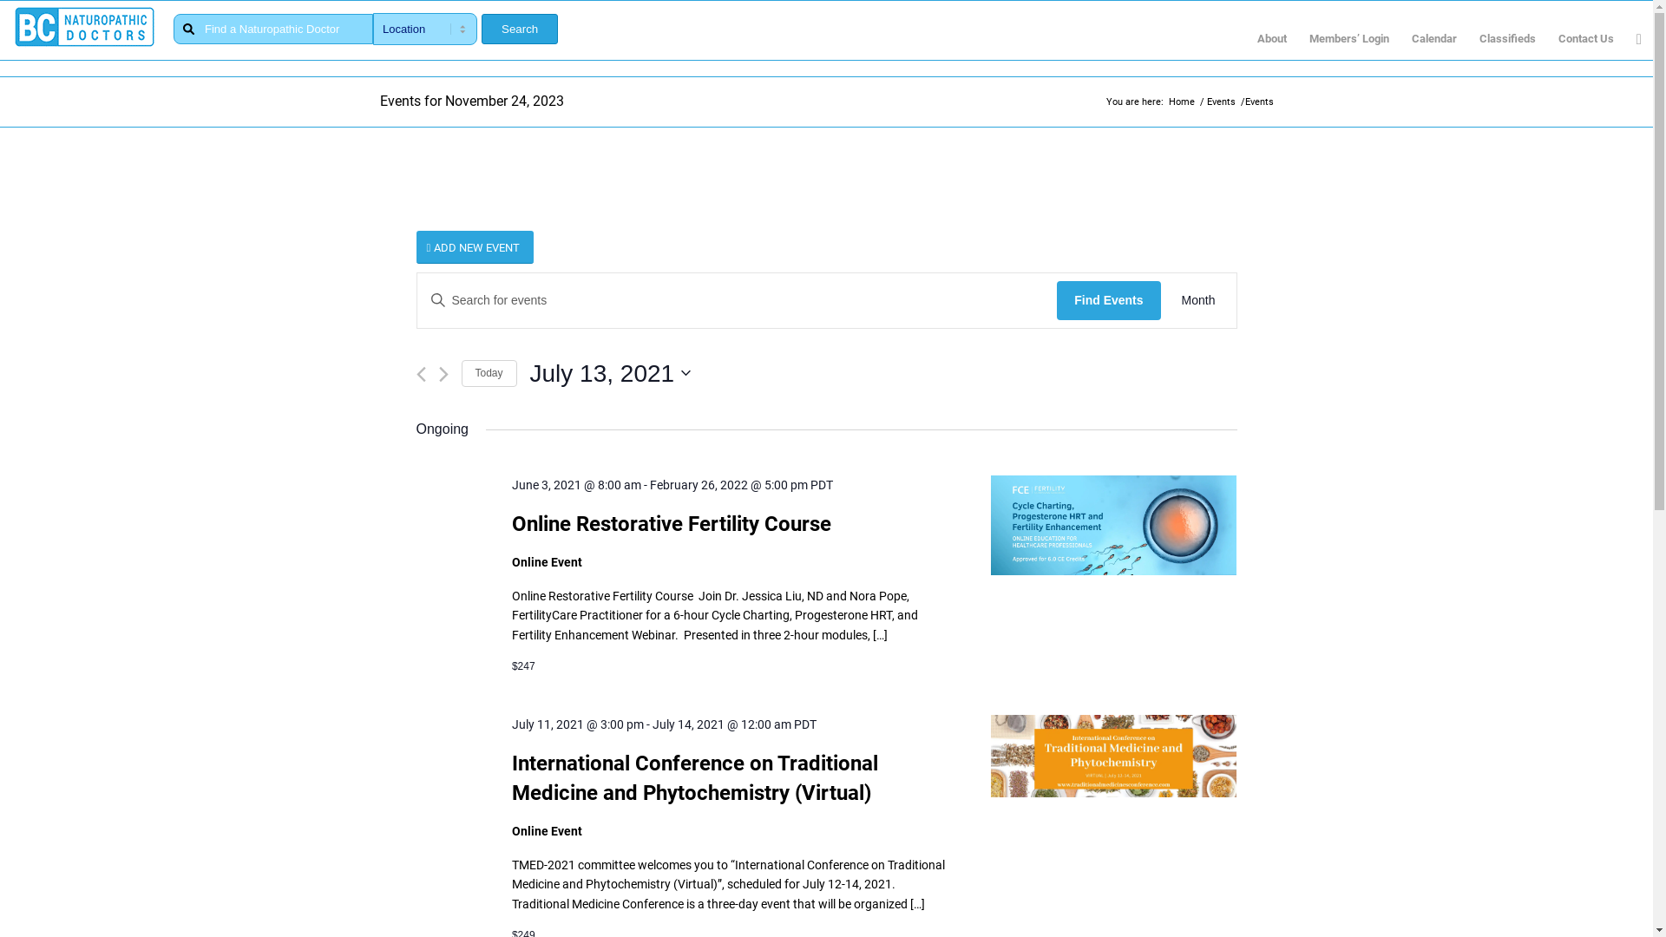  What do you see at coordinates (1506, 39) in the screenshot?
I see `'Classifieds'` at bounding box center [1506, 39].